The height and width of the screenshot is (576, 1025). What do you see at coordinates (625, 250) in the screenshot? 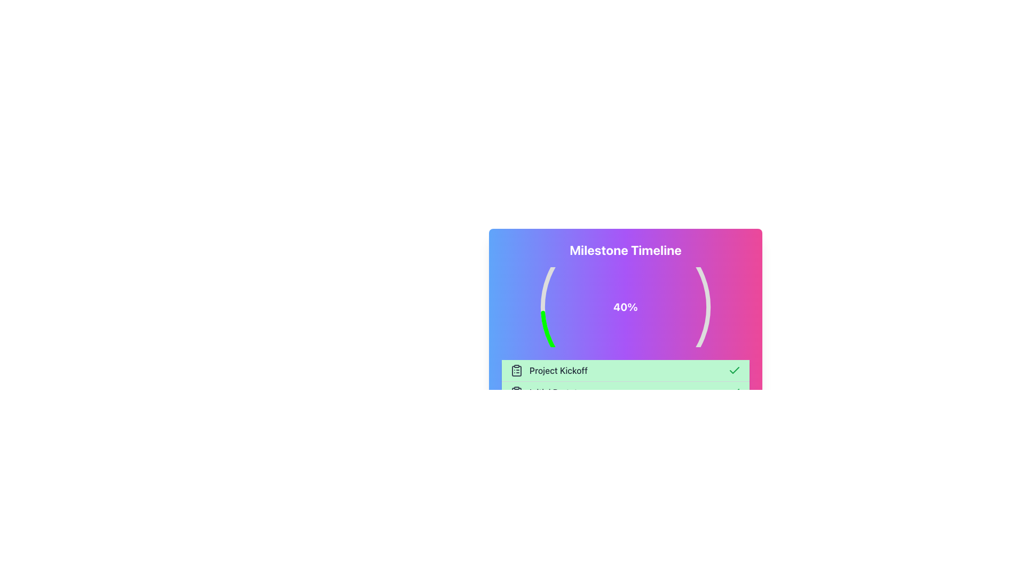
I see `text of the heading element displaying 'Milestone Timeline' in bold, white typography, centered within a colorful gradient background` at bounding box center [625, 250].